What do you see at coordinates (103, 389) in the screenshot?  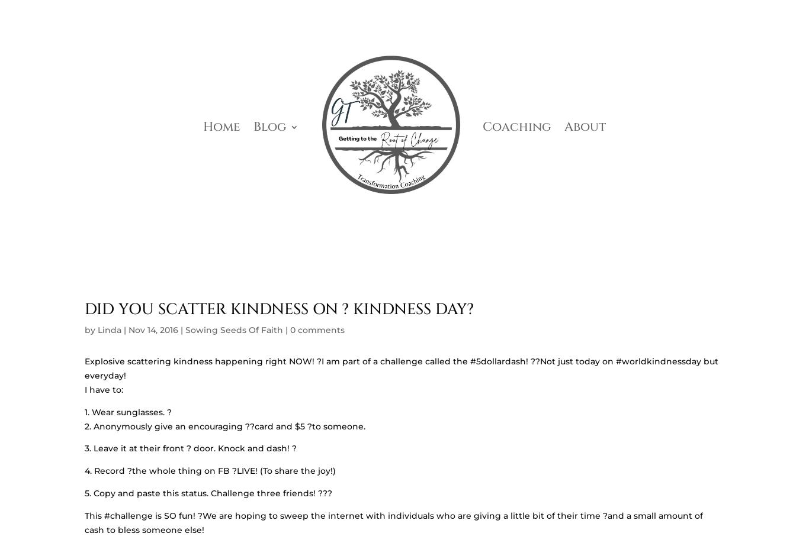 I see `'I have to:'` at bounding box center [103, 389].